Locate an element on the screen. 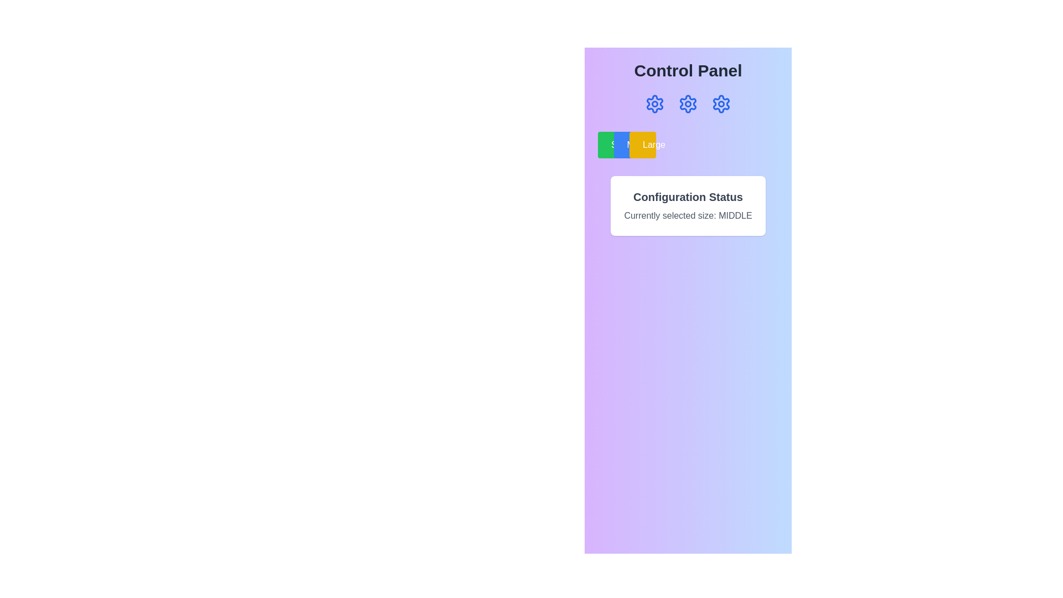 The height and width of the screenshot is (598, 1063). the leftmost button in the horizontal group that sets a configuration or performs an action related to 'Small' is located at coordinates (611, 145).